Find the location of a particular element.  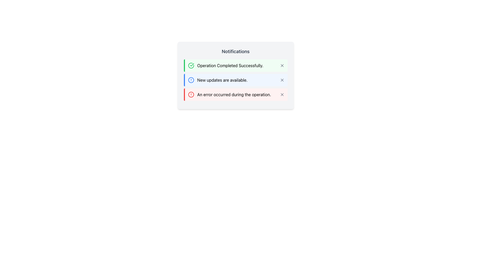

the circular alert icon with a red border, which indicates an error state, positioned to the left of the notification message 'An error occurred during the operation.' is located at coordinates (191, 95).